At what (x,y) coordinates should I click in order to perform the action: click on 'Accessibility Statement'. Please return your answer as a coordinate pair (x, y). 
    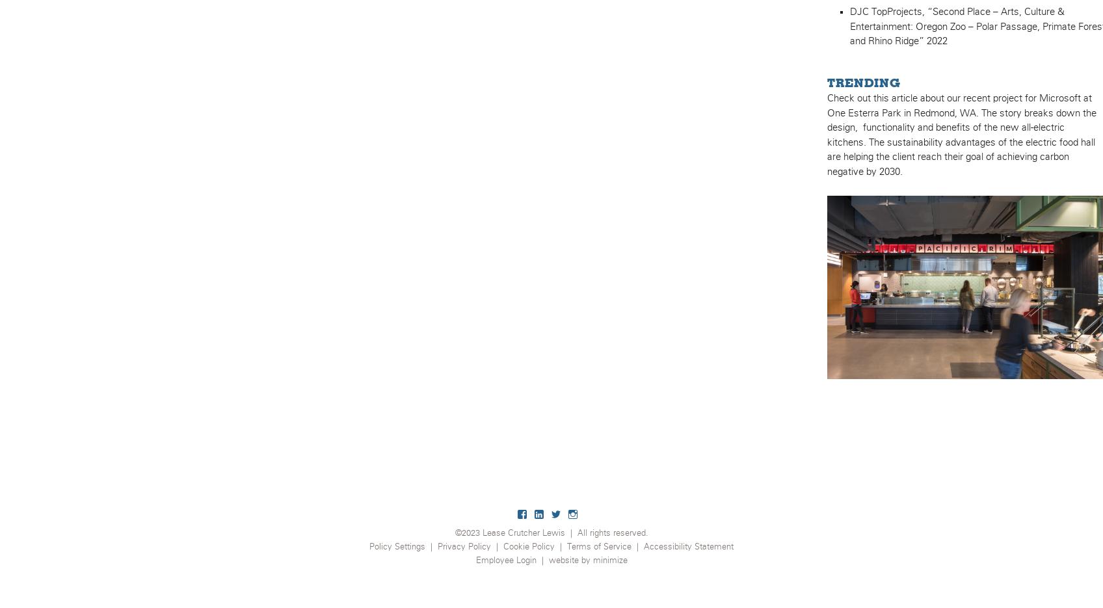
    Looking at the image, I should click on (688, 547).